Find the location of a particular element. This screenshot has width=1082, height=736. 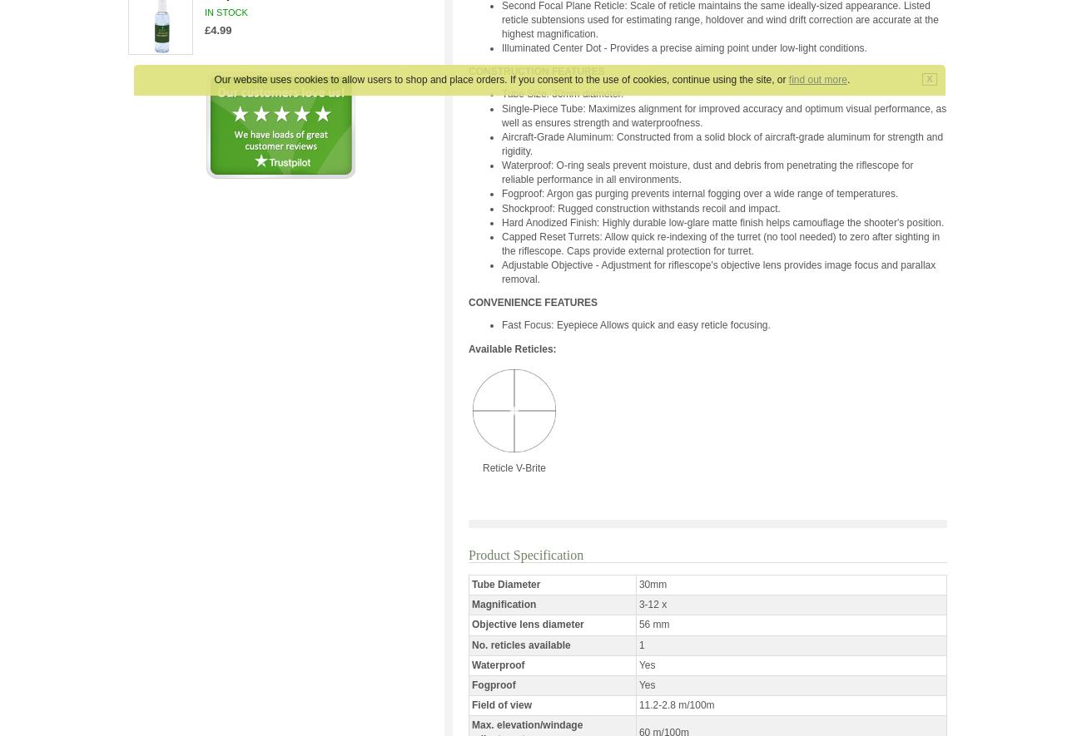

'Objective lens diameter' is located at coordinates (528, 625).